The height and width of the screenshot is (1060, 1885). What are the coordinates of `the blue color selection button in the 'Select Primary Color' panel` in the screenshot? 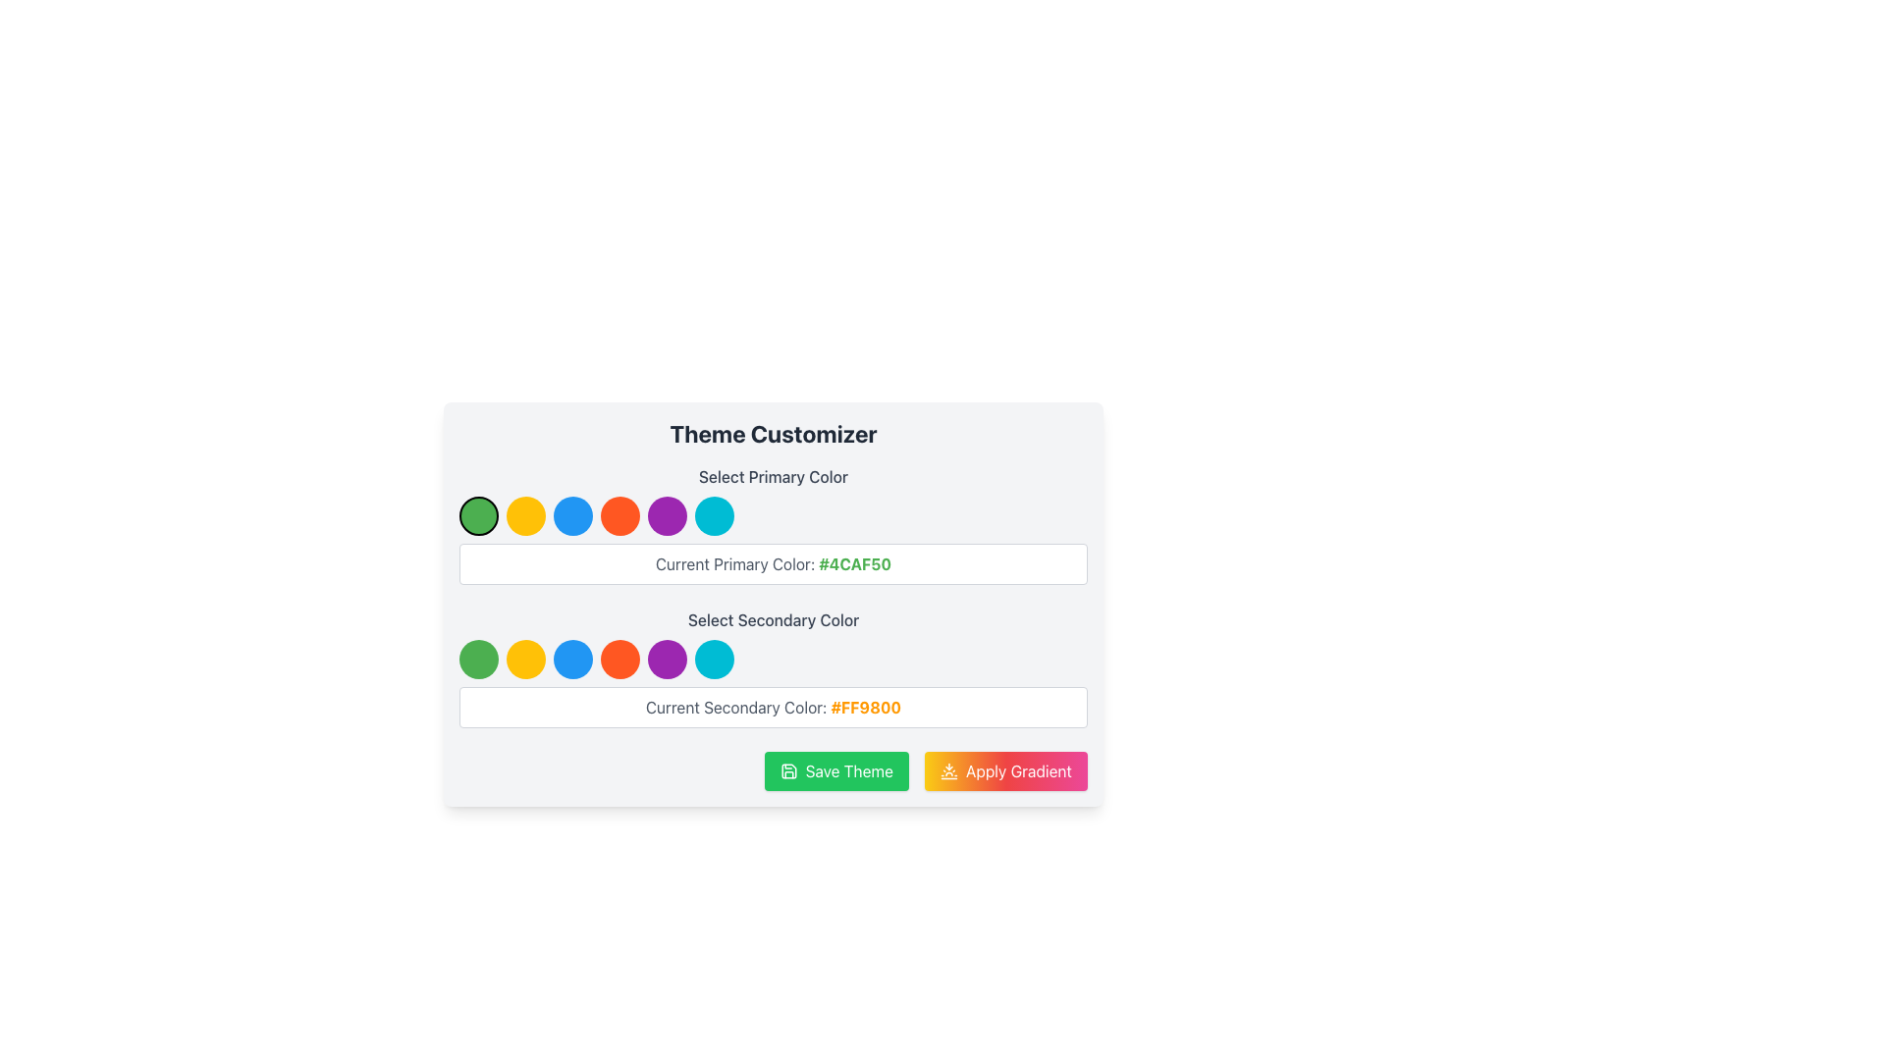 It's located at (572, 514).